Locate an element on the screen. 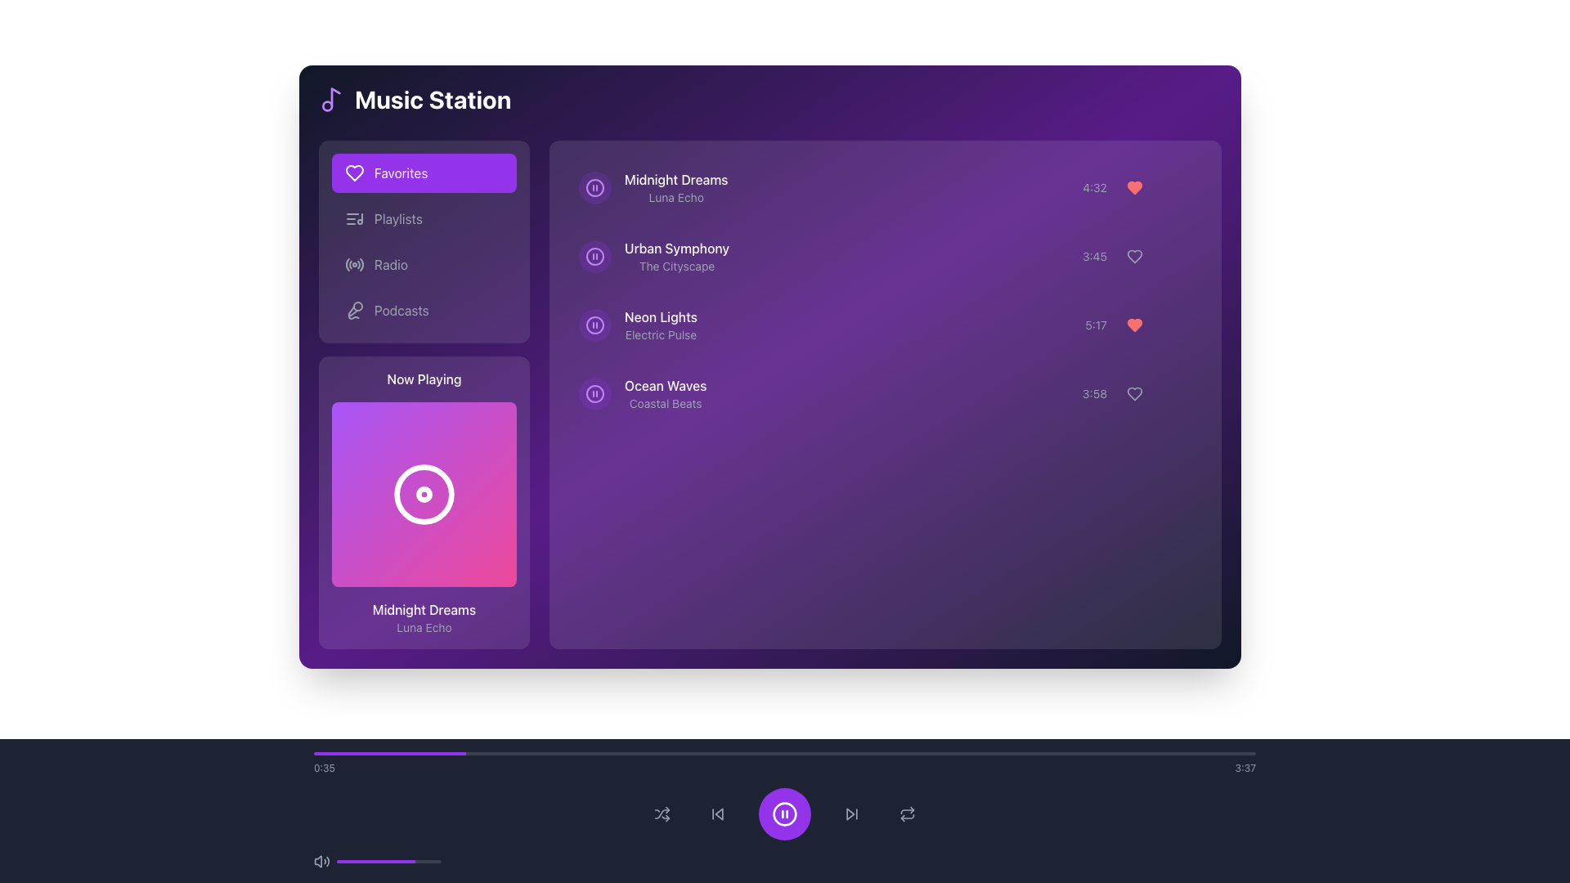  the options button located to the right of the '5:17' text in the third row of the song list, adjacent to the red heart icon for the 'Neon Lights' song entry is located at coordinates (1177, 325).